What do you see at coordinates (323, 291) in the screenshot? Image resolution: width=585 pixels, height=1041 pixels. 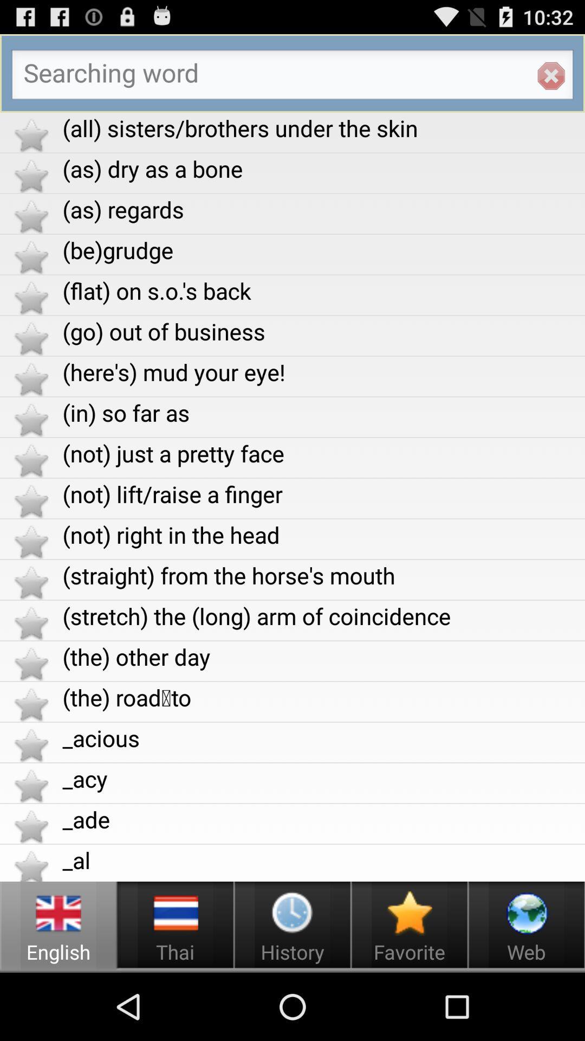 I see `the flat on s` at bounding box center [323, 291].